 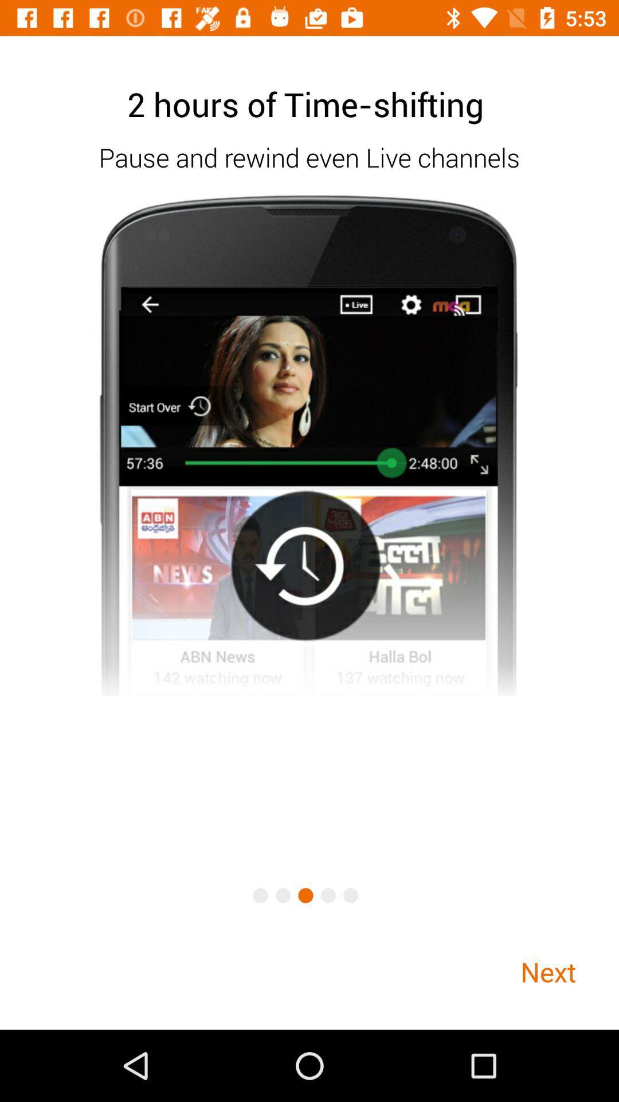 What do you see at coordinates (547, 971) in the screenshot?
I see `item at the bottom right corner` at bounding box center [547, 971].